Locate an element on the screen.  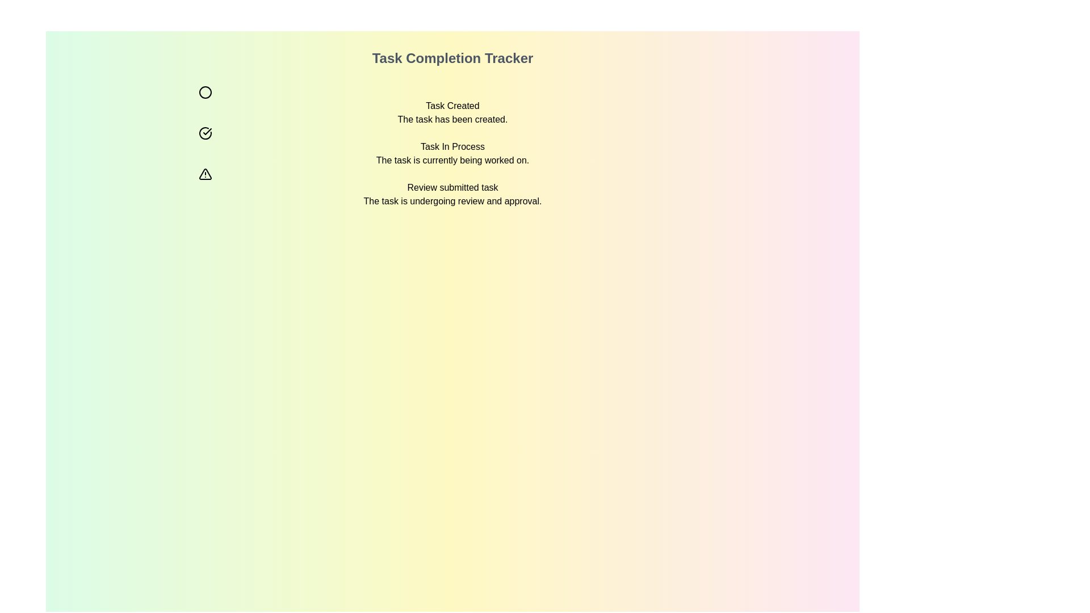
the informational text label indicating the successful creation of a task, located slightly below the 'Task Created' heading is located at coordinates (452, 120).